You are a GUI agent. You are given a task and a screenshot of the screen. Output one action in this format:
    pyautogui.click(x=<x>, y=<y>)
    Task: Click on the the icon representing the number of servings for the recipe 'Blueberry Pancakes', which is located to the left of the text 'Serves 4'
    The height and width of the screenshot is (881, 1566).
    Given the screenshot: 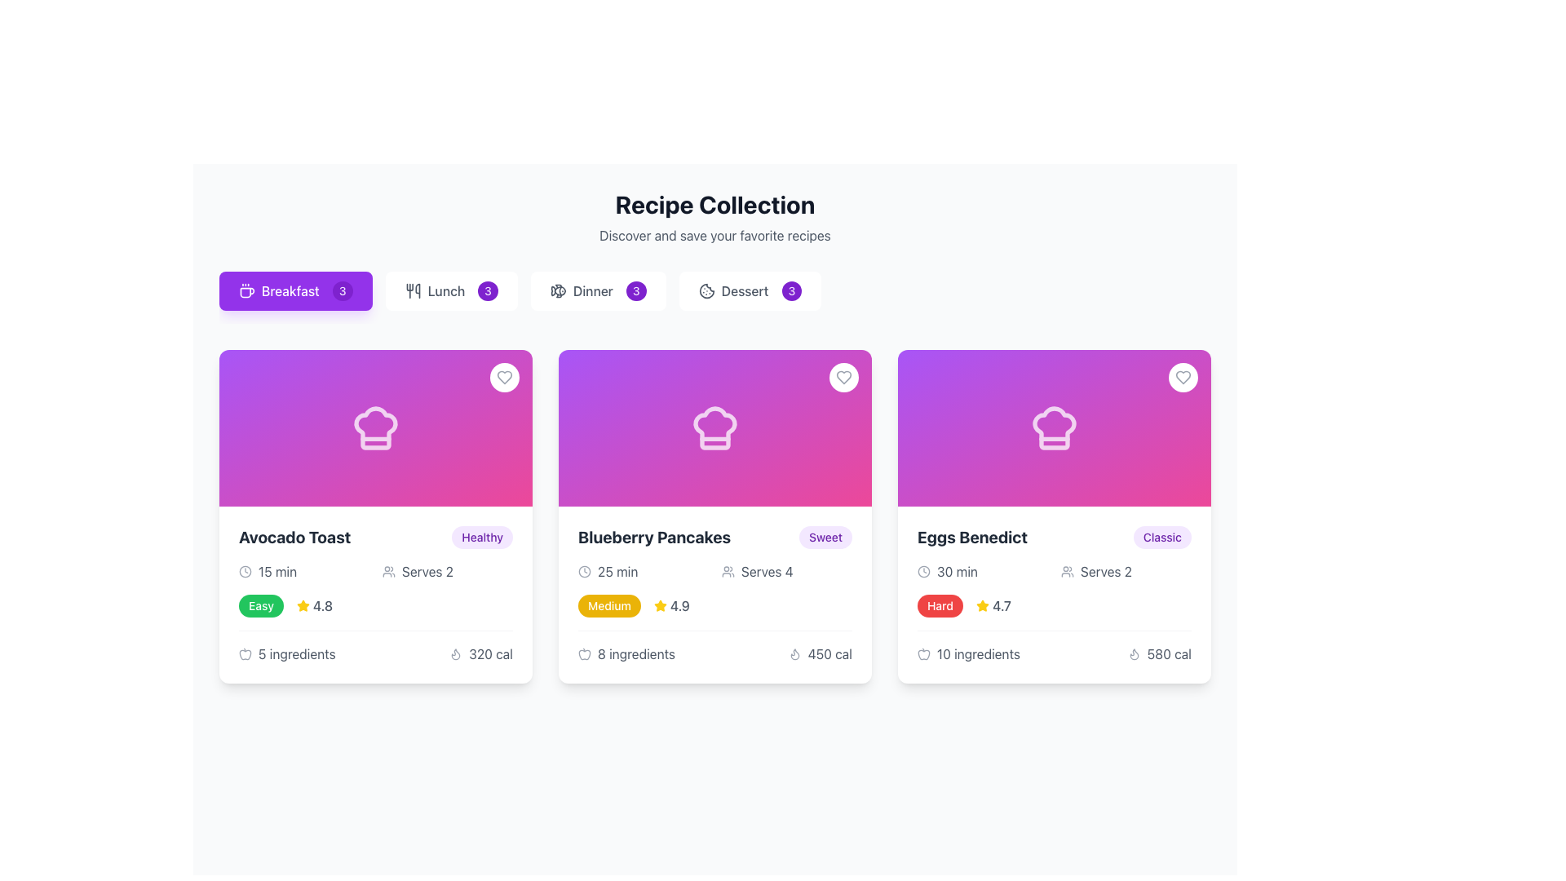 What is the action you would take?
    pyautogui.click(x=727, y=571)
    